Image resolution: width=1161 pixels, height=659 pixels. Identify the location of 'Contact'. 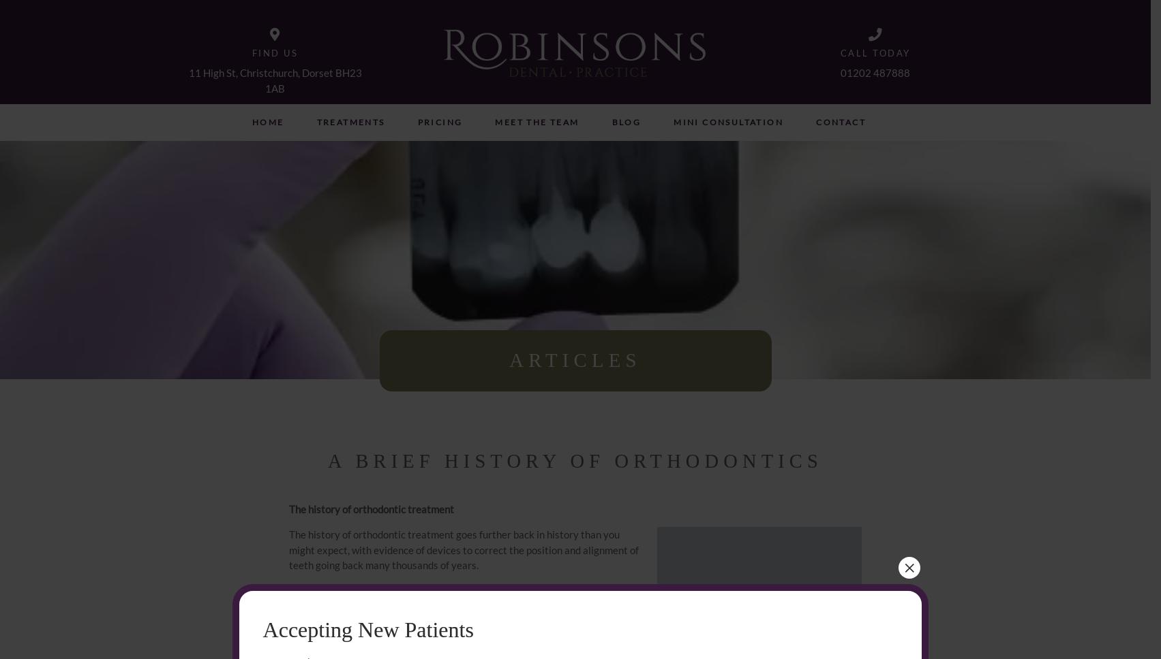
(839, 122).